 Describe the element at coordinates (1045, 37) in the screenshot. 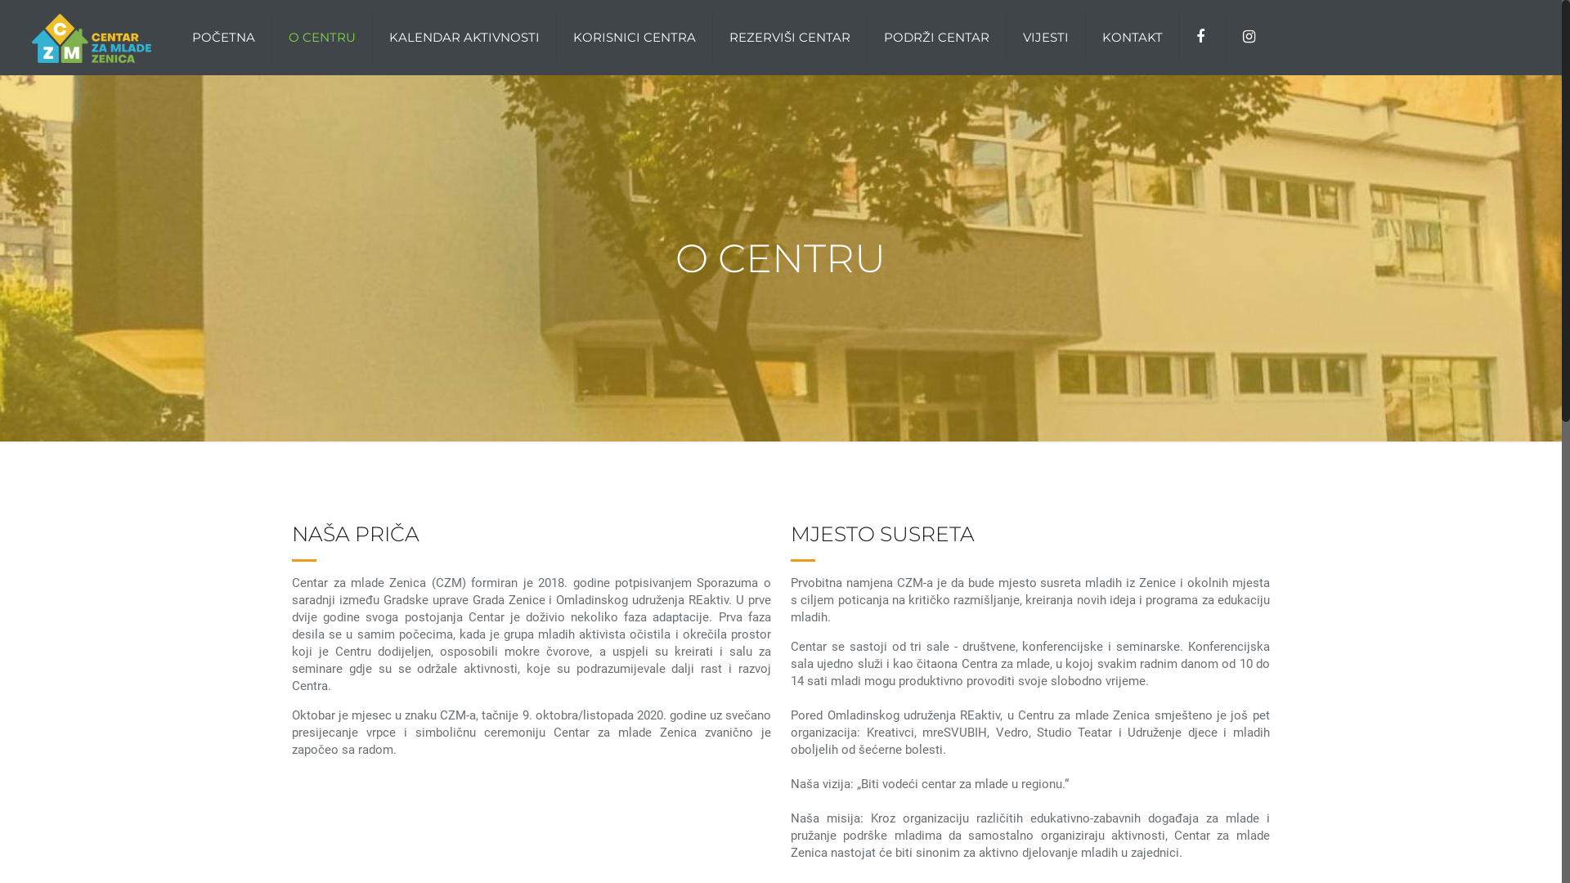

I see `'VIJESTI'` at that location.